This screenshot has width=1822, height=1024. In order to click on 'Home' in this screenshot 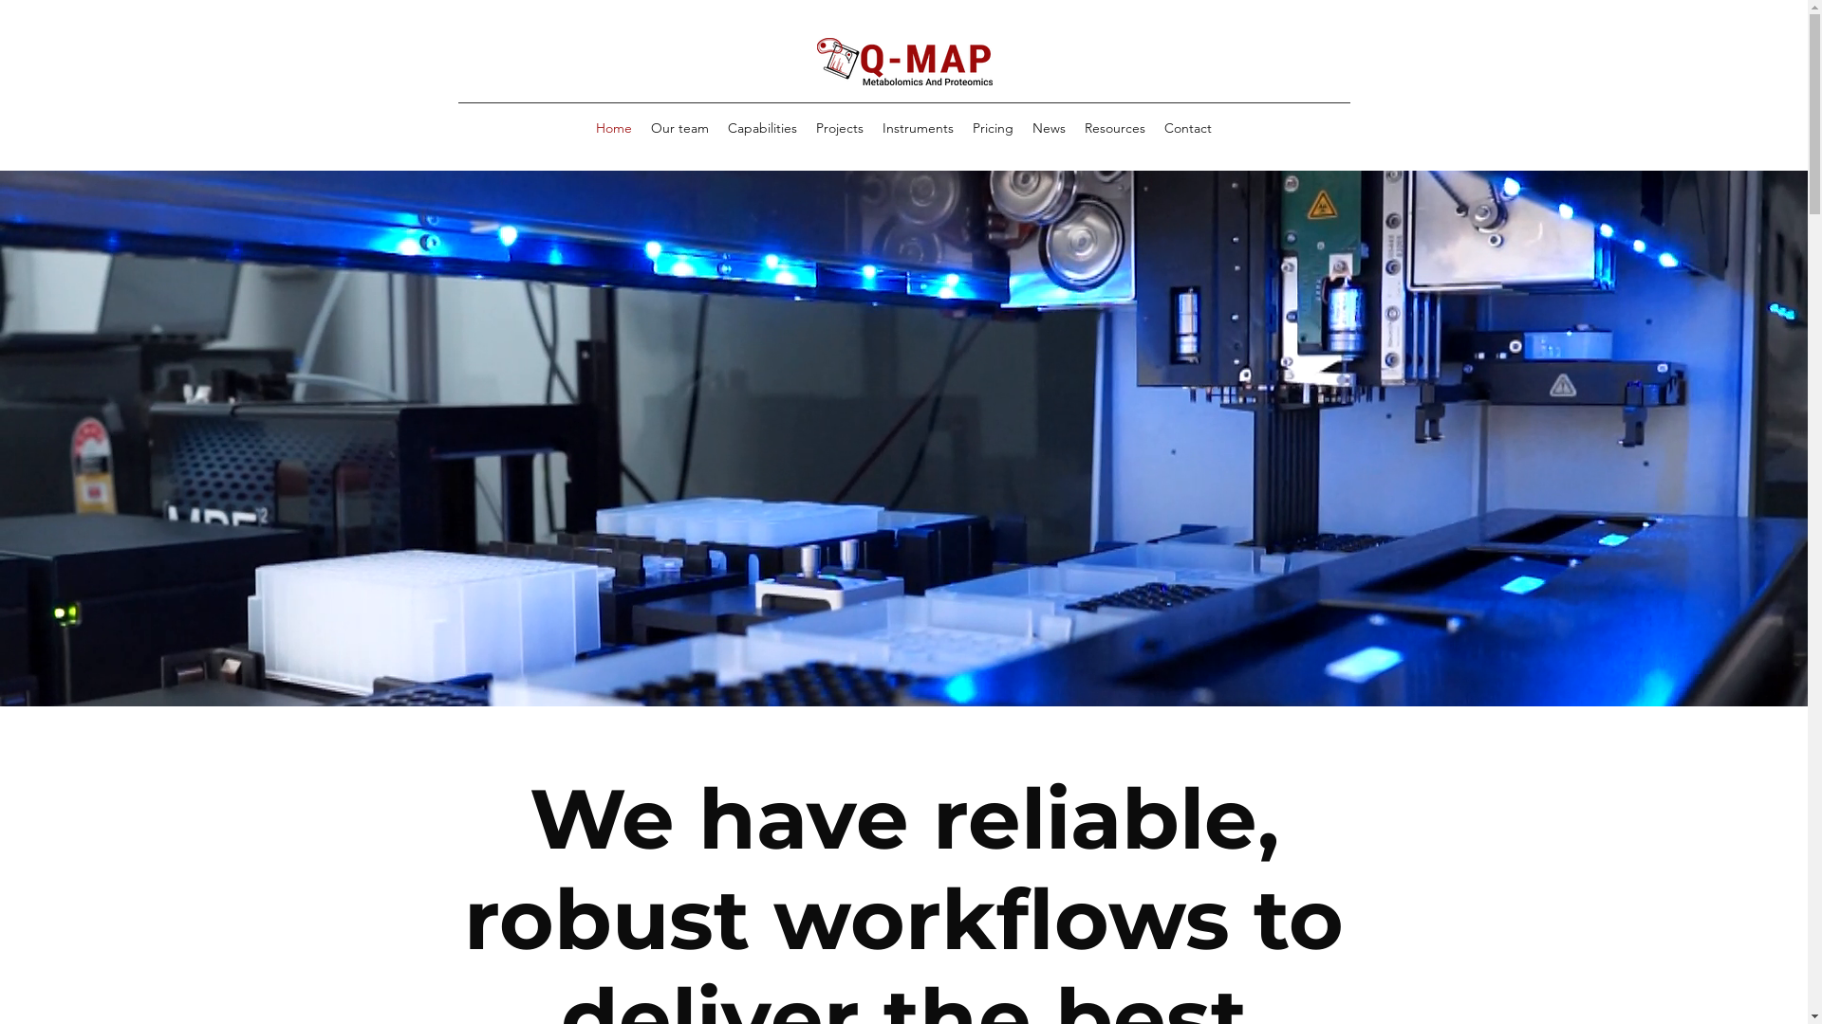, I will do `click(614, 128)`.